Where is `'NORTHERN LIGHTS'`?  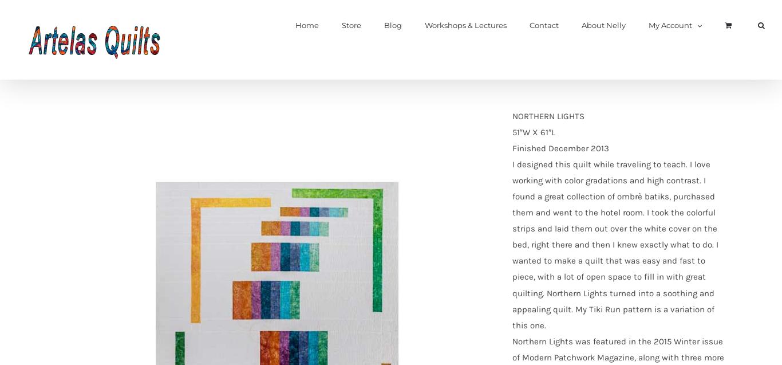 'NORTHERN LIGHTS' is located at coordinates (548, 116).